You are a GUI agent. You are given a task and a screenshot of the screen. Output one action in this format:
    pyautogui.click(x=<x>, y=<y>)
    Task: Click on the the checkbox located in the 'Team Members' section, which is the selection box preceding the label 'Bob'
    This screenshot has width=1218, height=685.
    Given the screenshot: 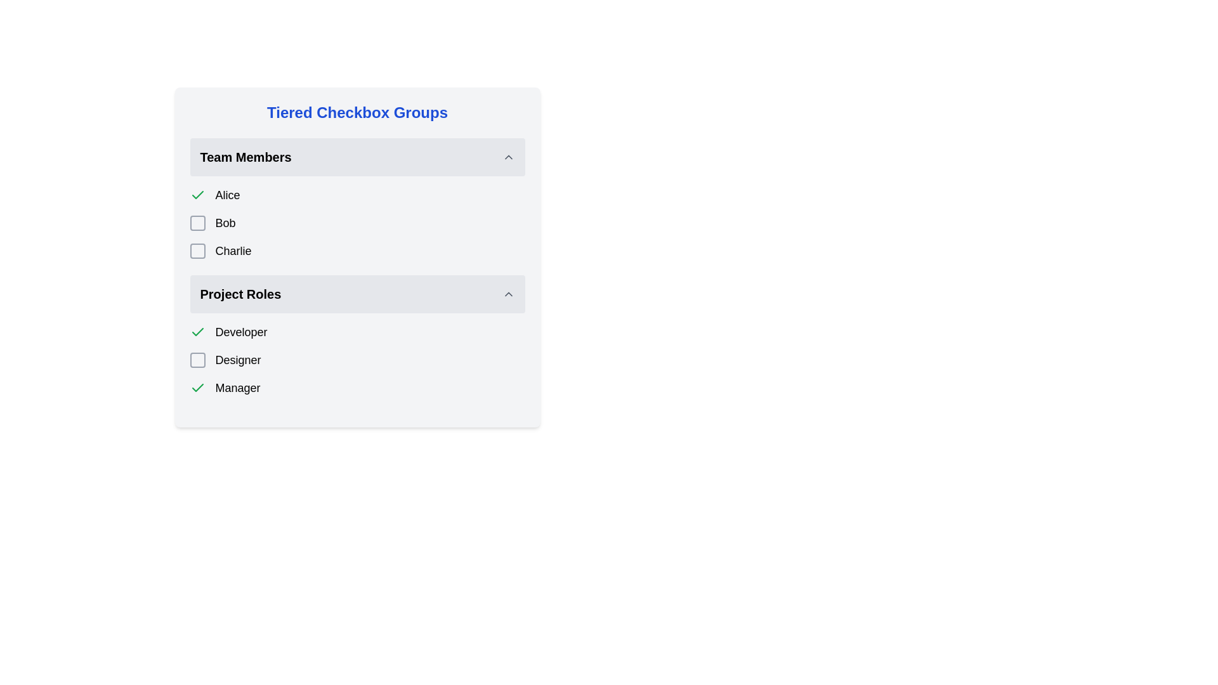 What is the action you would take?
    pyautogui.click(x=197, y=222)
    